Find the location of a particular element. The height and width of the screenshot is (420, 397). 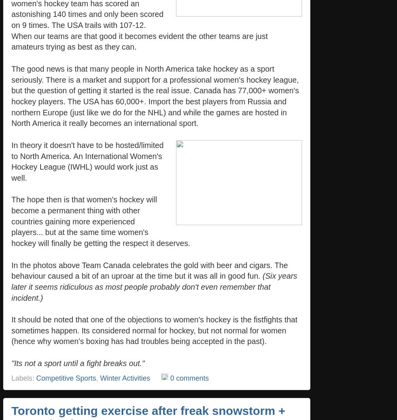

'"Its not a sport until a fight breaks out."' is located at coordinates (78, 363).